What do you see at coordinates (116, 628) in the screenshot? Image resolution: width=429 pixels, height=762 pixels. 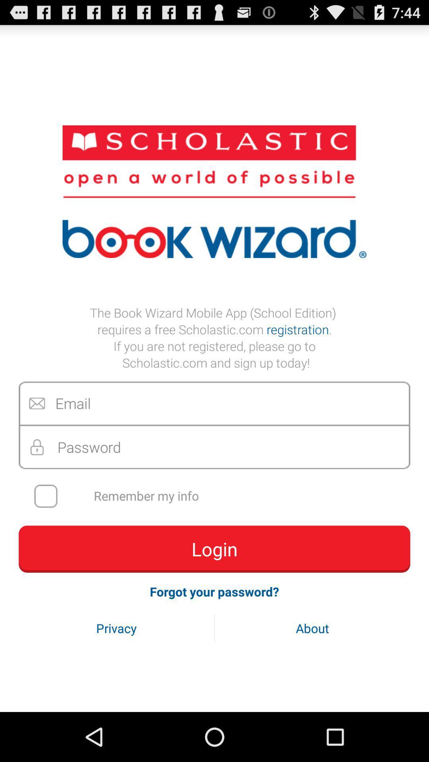 I see `the icon below the forgot your password? icon` at bounding box center [116, 628].